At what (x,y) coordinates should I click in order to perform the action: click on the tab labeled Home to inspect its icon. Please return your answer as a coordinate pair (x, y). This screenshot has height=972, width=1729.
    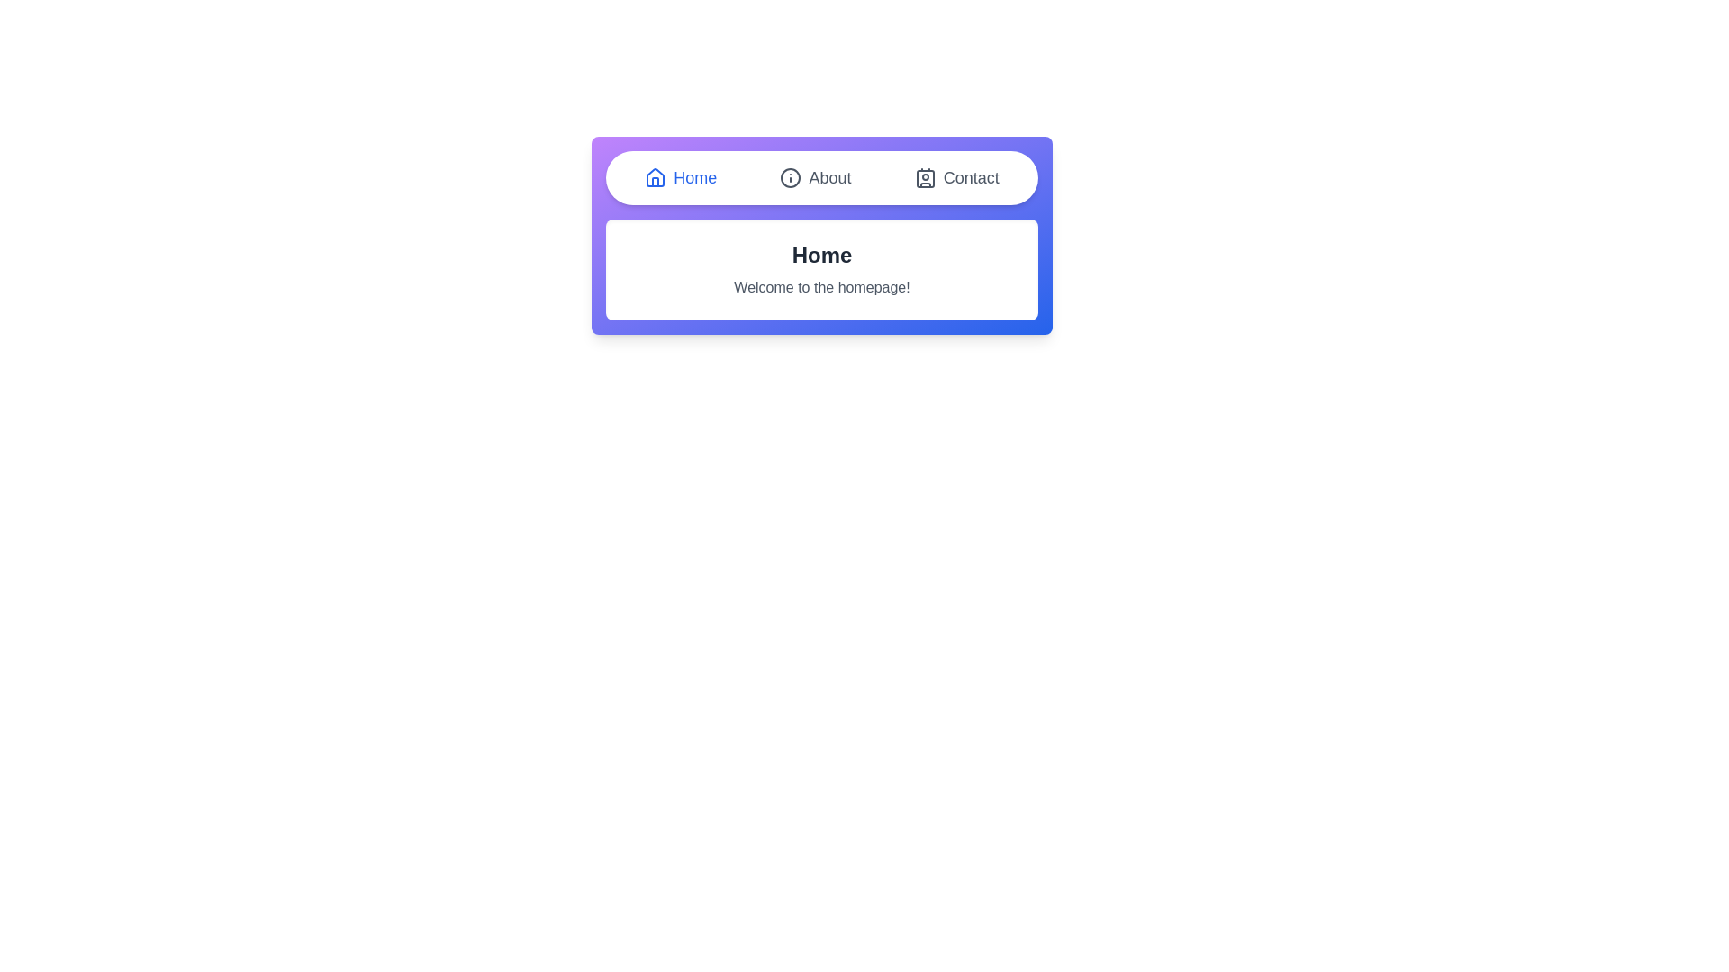
    Looking at the image, I should click on (680, 177).